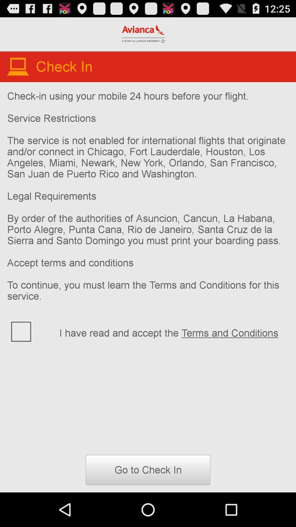 This screenshot has width=296, height=527. Describe the element at coordinates (174, 332) in the screenshot. I see `item below check in using` at that location.